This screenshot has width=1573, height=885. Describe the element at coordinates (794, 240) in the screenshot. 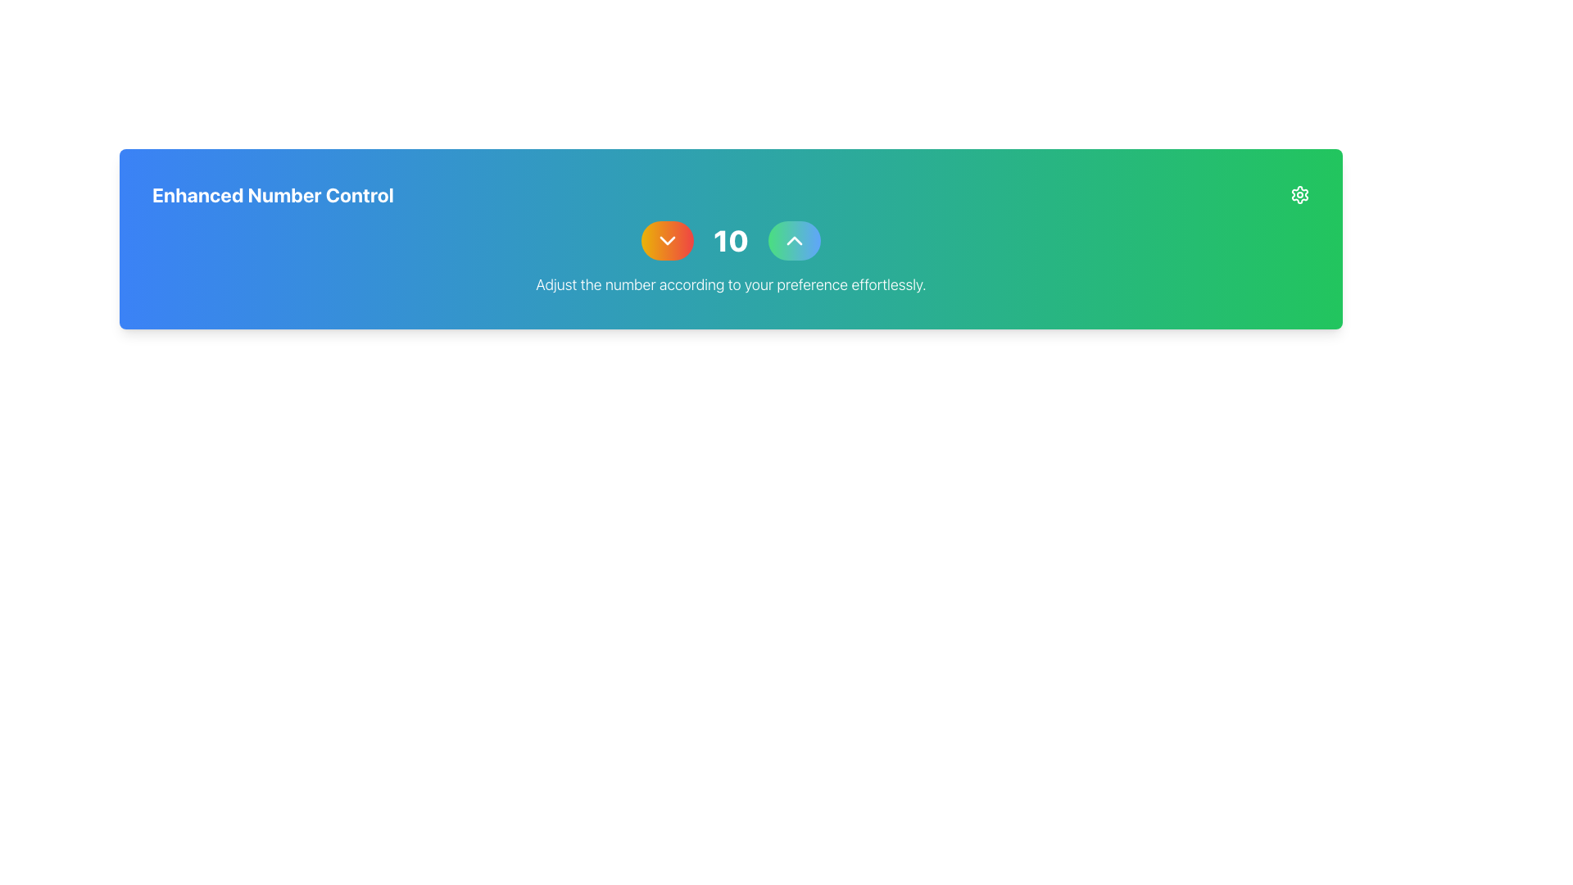

I see `the upward-pointing chevron icon within the circular button located in the top right corner of the interface to interact` at that location.